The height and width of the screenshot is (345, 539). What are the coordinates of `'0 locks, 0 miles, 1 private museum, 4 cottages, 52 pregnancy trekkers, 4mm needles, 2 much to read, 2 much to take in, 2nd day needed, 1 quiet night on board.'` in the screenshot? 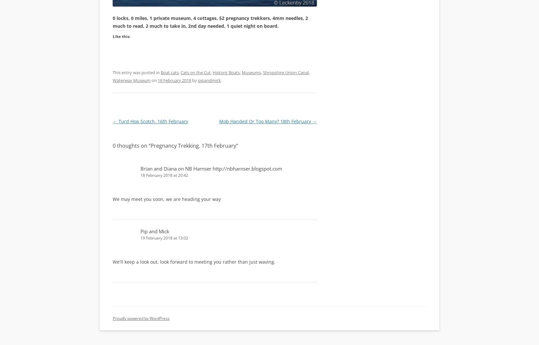 It's located at (210, 22).